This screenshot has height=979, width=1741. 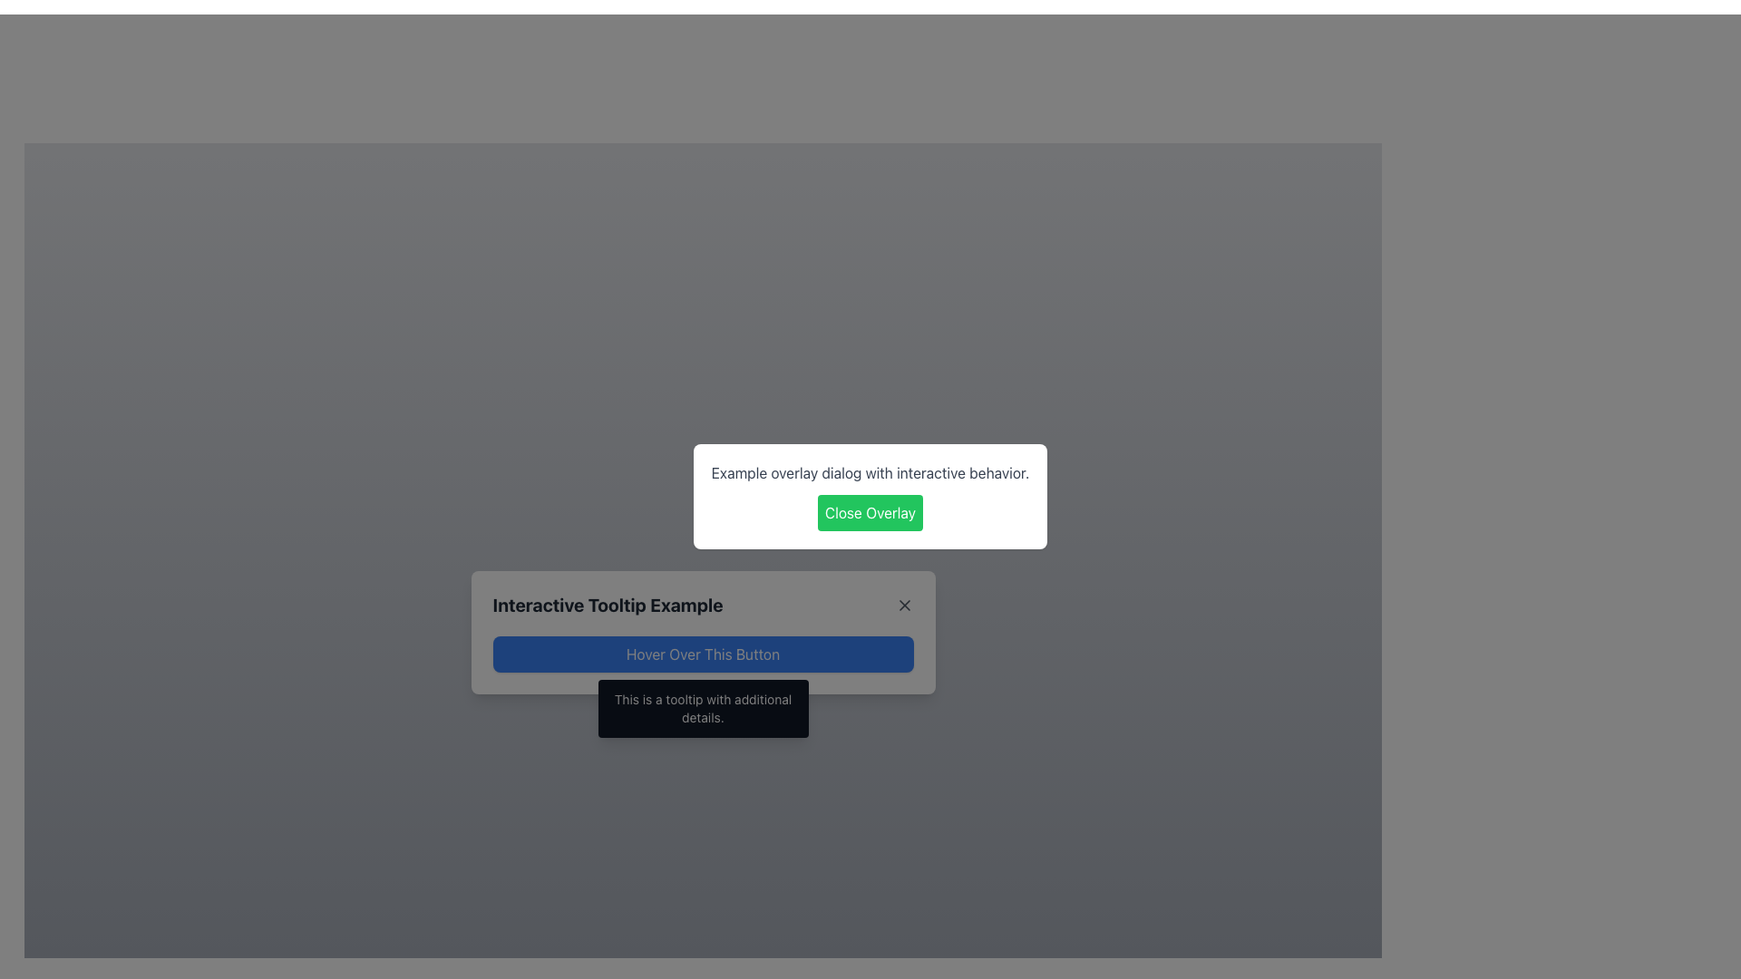 I want to click on message displayed in the tooltip located directly beneath the button labeled 'Hover Over This Button', which appears upon hovering over the button, so click(x=702, y=708).